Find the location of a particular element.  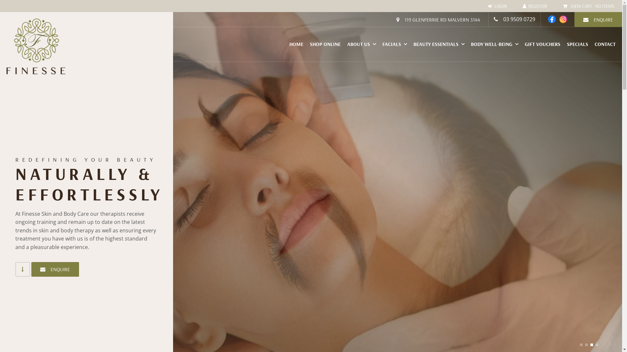

'BODY WELL-BEING' is located at coordinates (494, 44).